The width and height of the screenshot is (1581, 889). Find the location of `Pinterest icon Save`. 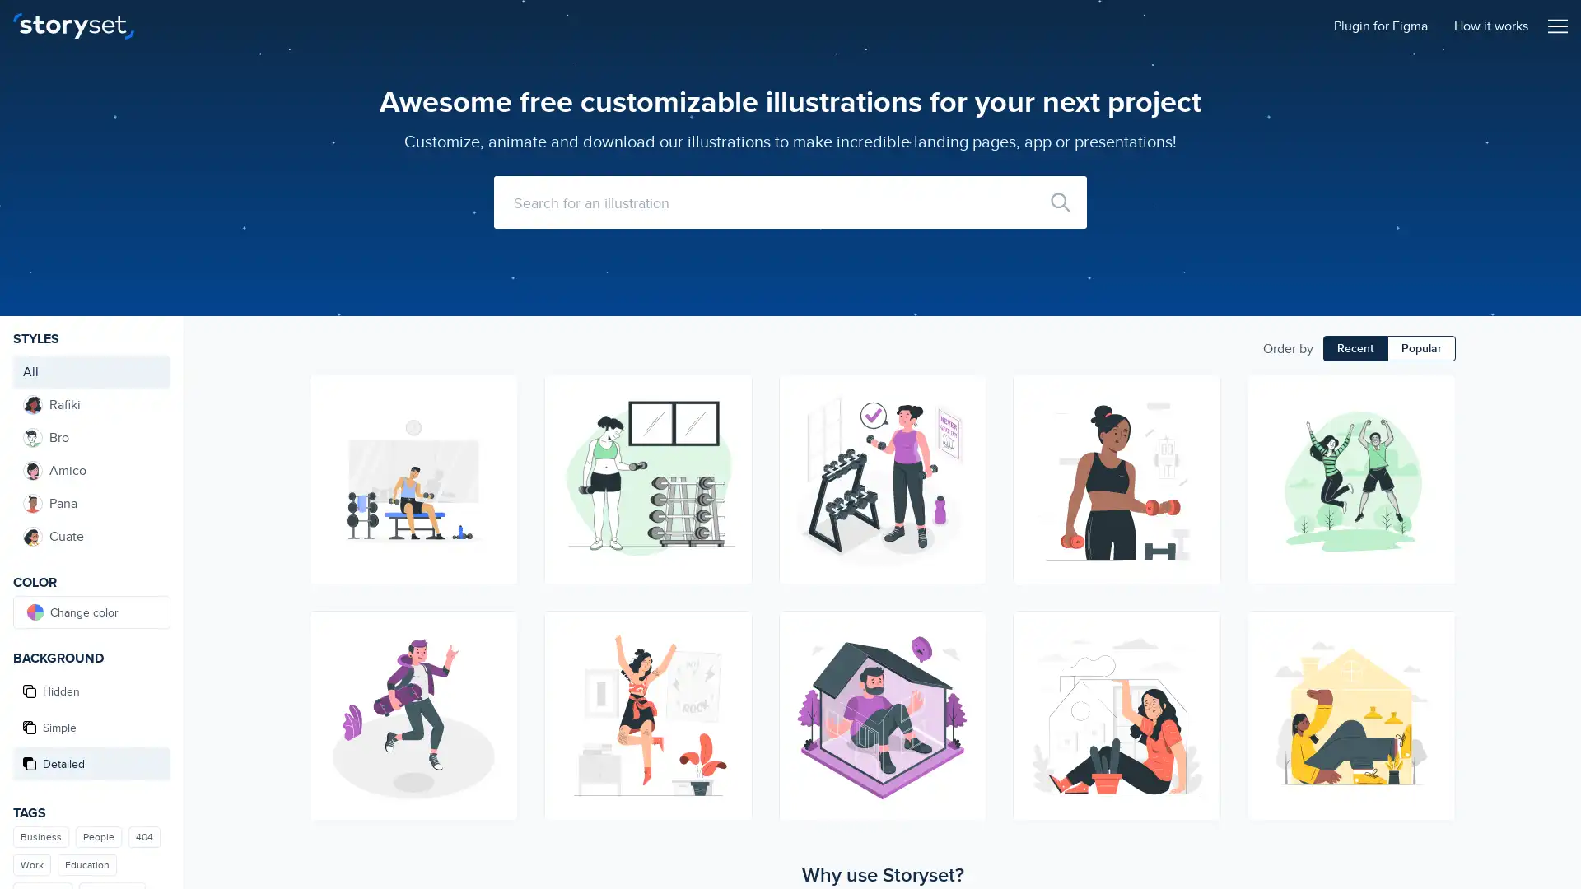

Pinterest icon Save is located at coordinates (965, 454).